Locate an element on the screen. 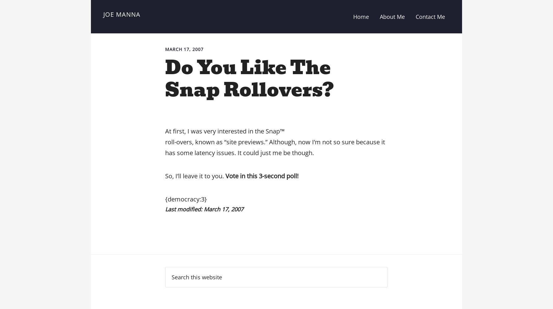  'Contact Me' is located at coordinates (430, 17).